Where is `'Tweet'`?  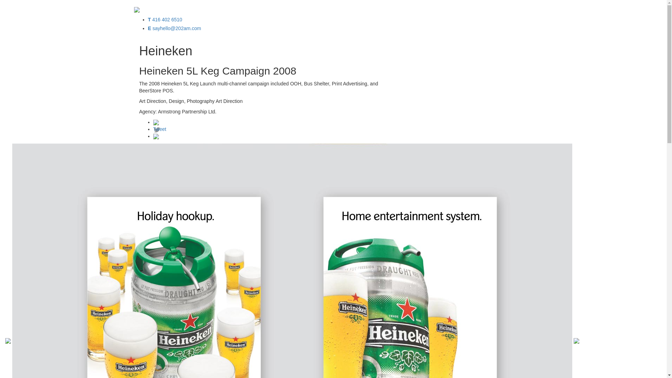
'Tweet' is located at coordinates (159, 129).